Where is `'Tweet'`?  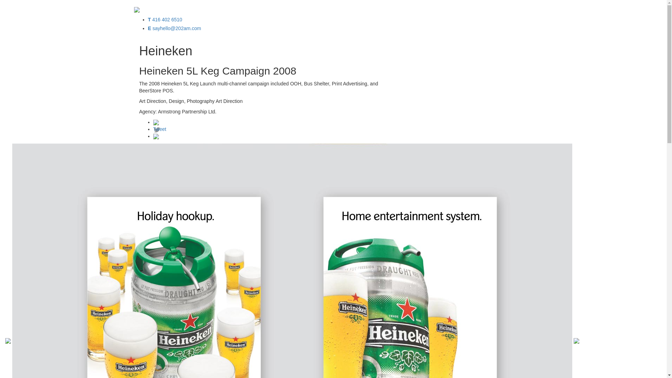
'Tweet' is located at coordinates (159, 129).